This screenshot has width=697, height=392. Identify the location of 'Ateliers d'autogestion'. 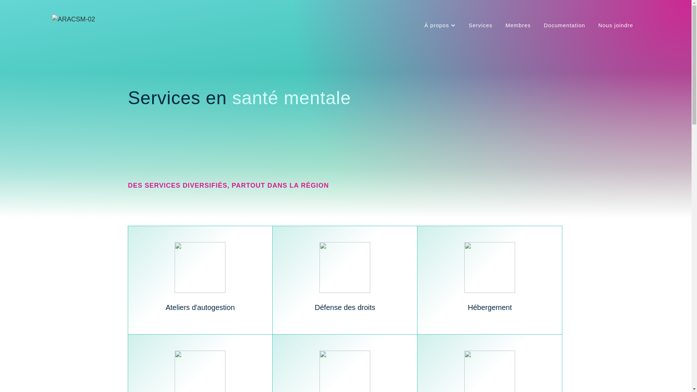
(200, 279).